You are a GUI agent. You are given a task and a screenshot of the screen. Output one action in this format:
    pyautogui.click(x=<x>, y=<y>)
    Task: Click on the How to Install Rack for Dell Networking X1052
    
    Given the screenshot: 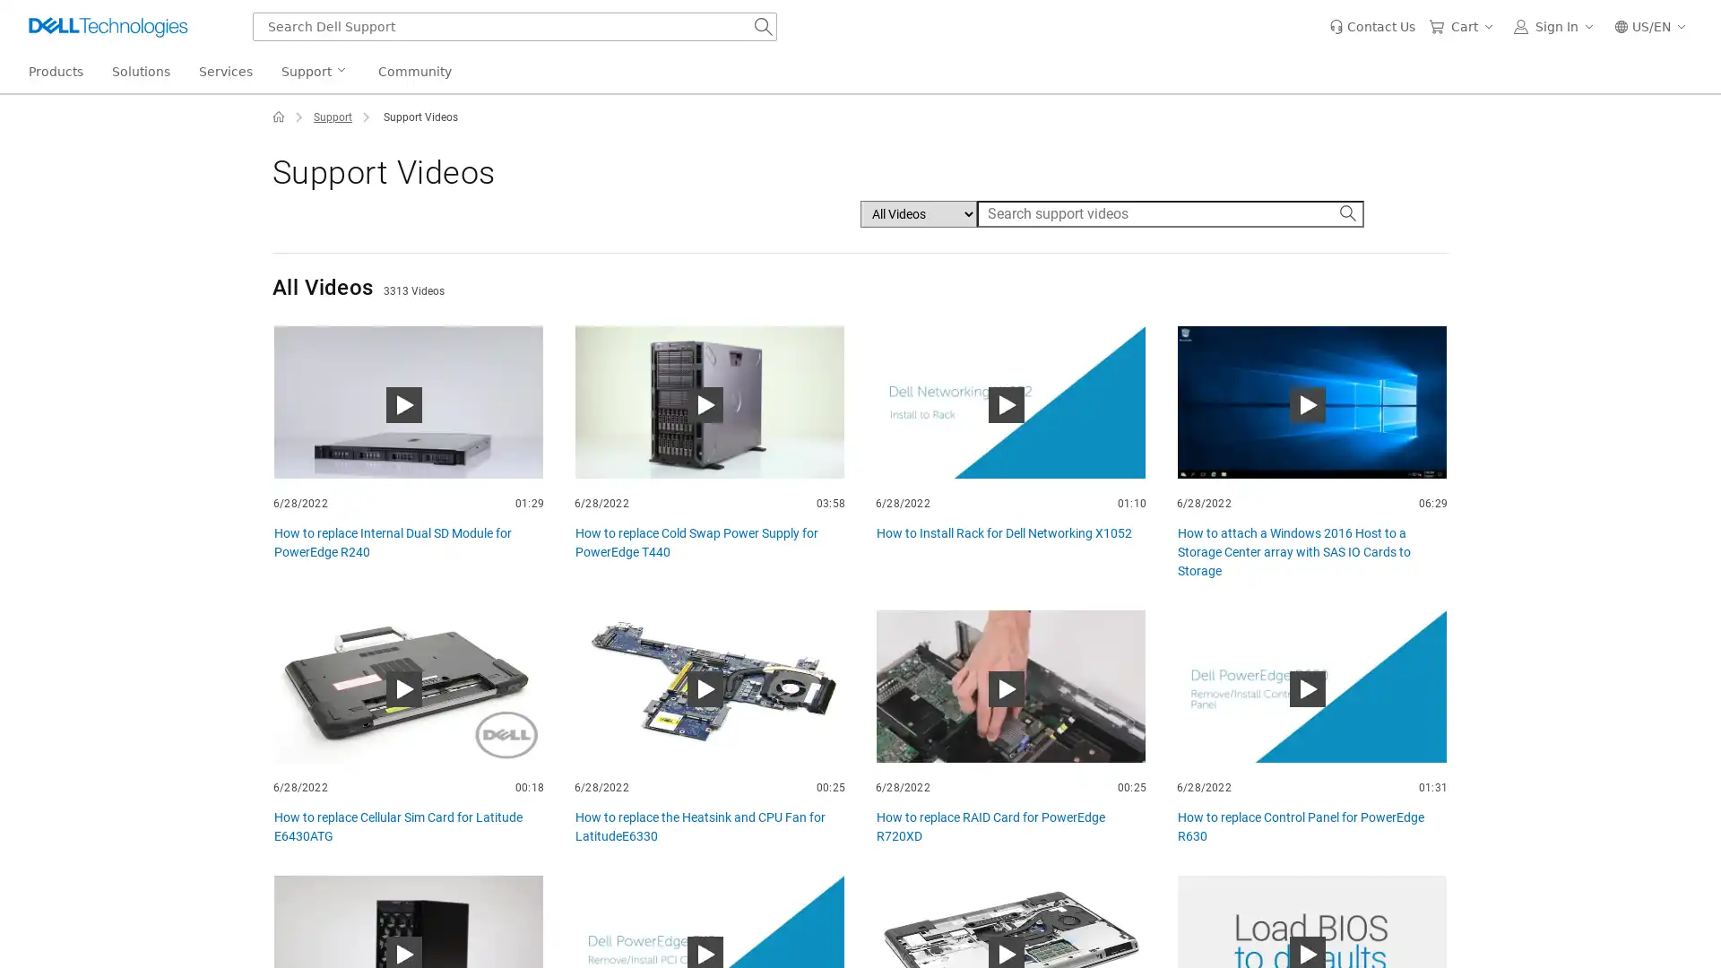 What is the action you would take?
    pyautogui.click(x=1004, y=532)
    